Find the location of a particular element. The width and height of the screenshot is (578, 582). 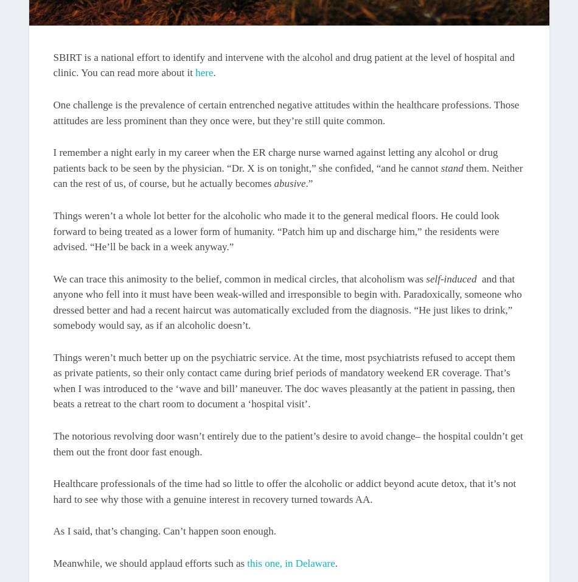

'Meanwhile, we should applaud efforts such as' is located at coordinates (53, 563).